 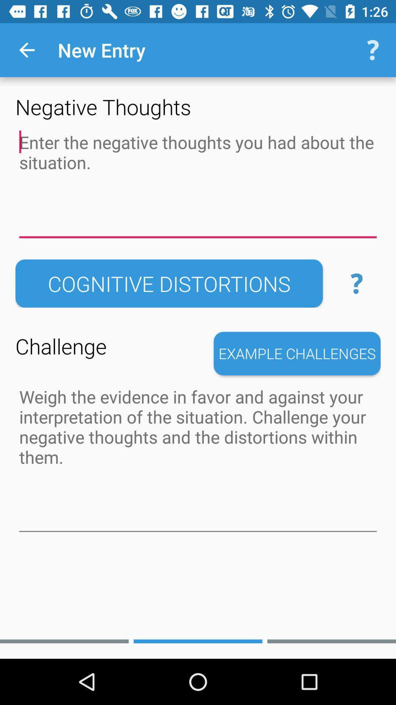 I want to click on the item above the negative thoughts, so click(x=26, y=50).